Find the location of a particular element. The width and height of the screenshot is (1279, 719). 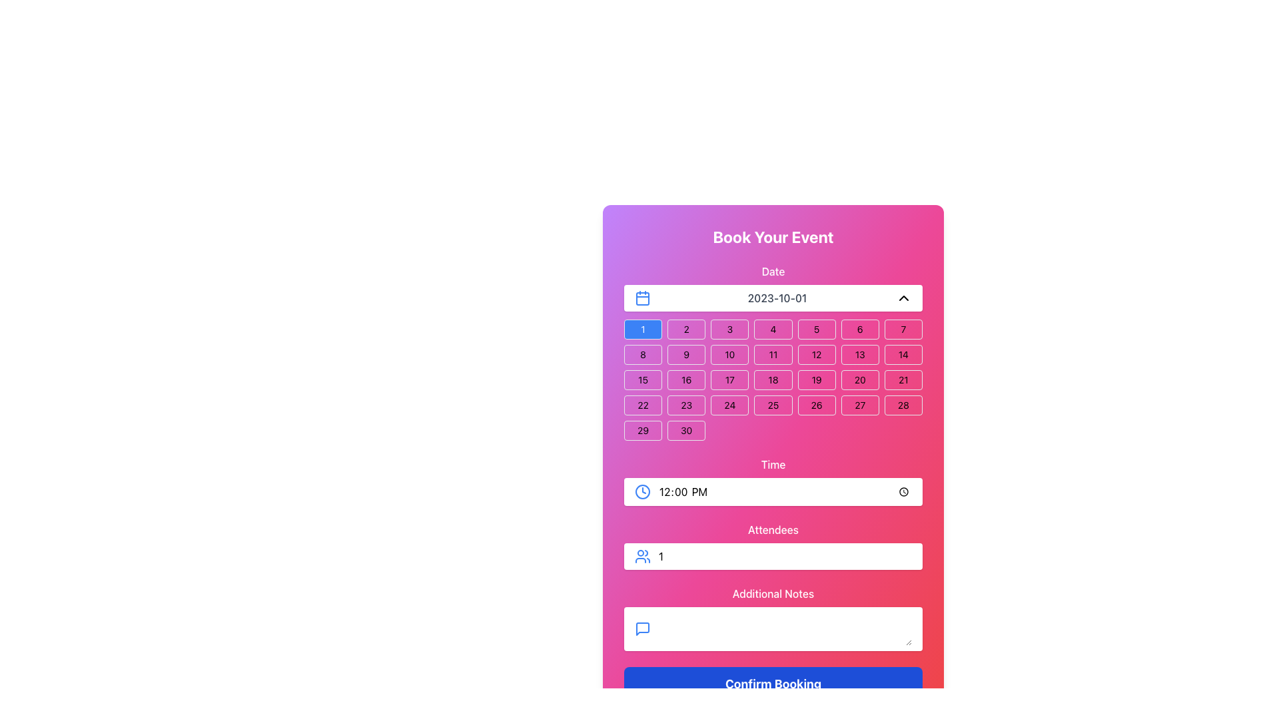

the calendar date button located in the fourth row and fourth column, which is positioned between '23' and '25' is located at coordinates (729, 405).